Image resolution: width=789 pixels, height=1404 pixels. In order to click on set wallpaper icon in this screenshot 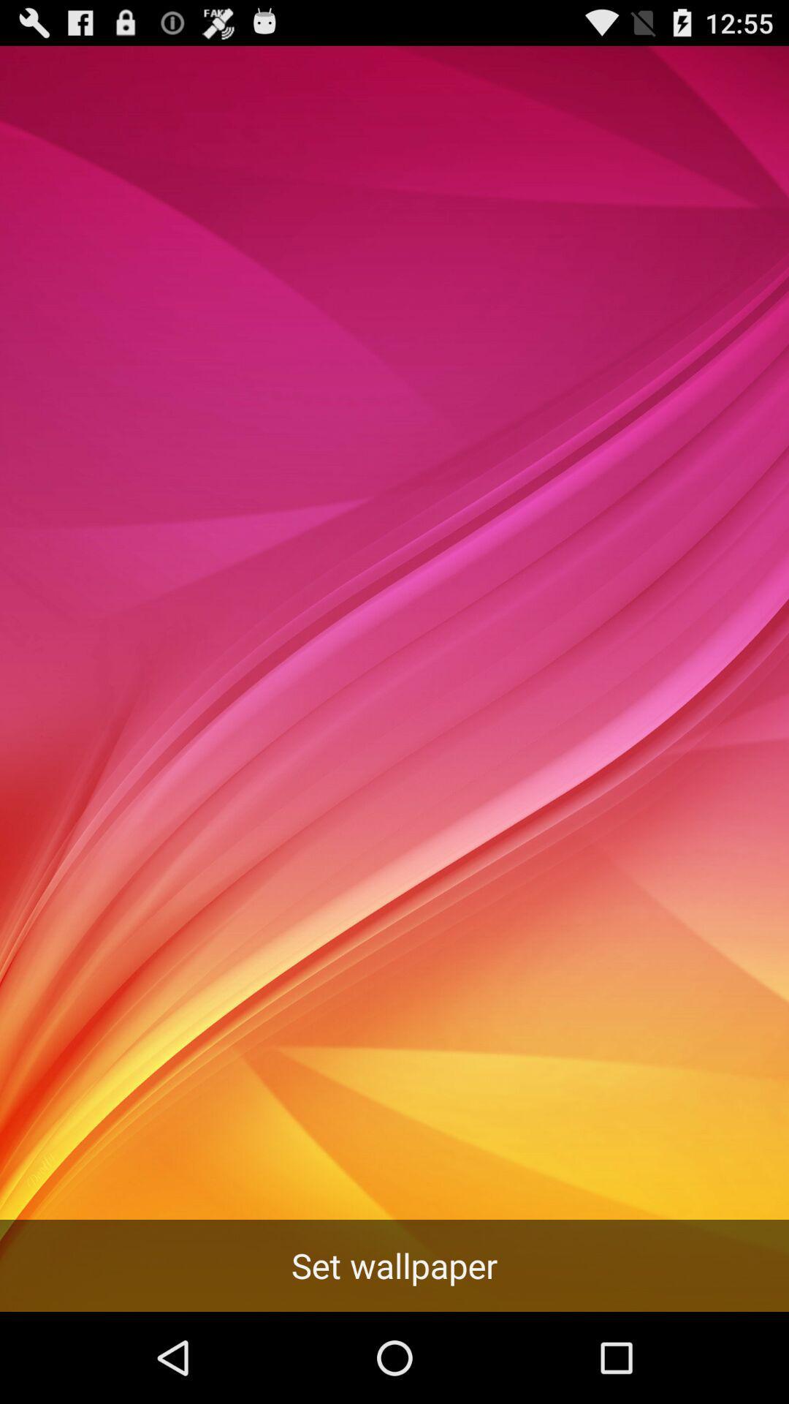, I will do `click(394, 1265)`.